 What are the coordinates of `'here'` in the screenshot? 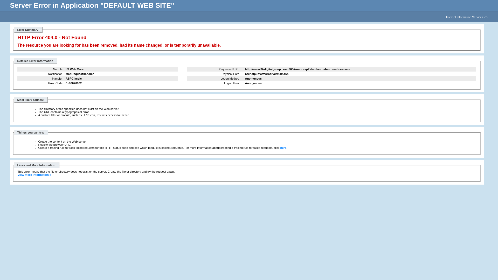 It's located at (283, 148).